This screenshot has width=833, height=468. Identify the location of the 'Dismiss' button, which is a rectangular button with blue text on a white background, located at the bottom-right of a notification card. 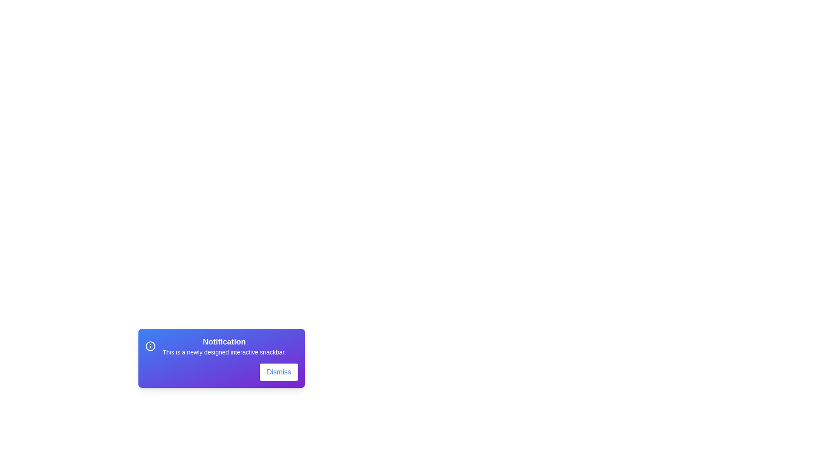
(279, 372).